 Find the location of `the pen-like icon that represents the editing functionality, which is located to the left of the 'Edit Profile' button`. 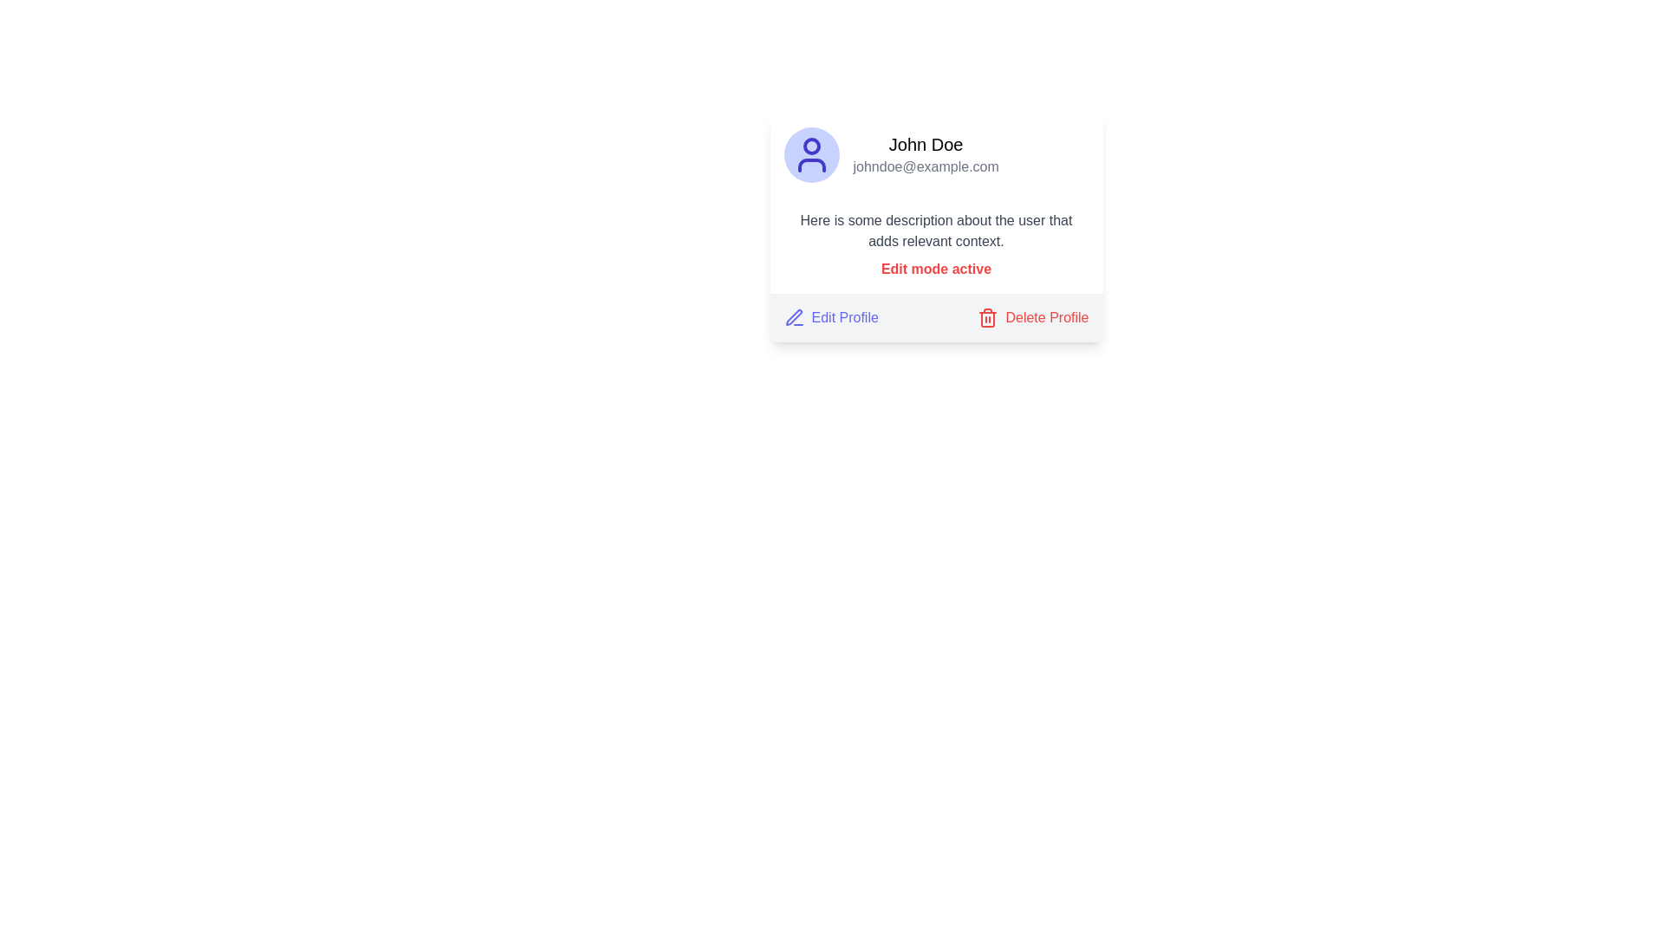

the pen-like icon that represents the editing functionality, which is located to the left of the 'Edit Profile' button is located at coordinates (793, 317).